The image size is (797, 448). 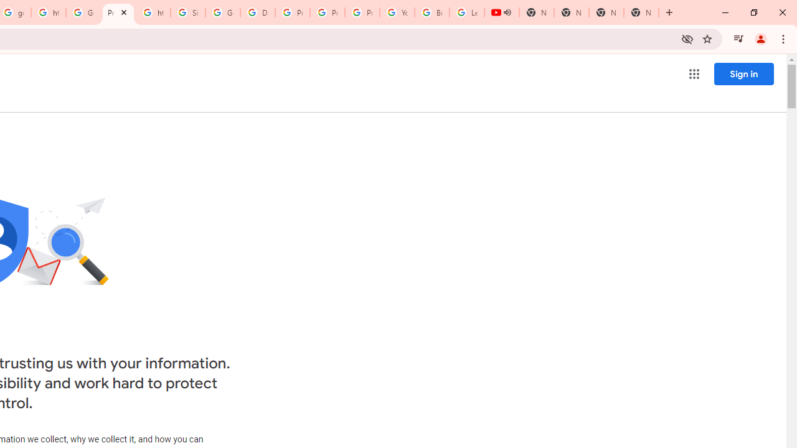 I want to click on 'Sign in - Google Accounts', so click(x=187, y=12).